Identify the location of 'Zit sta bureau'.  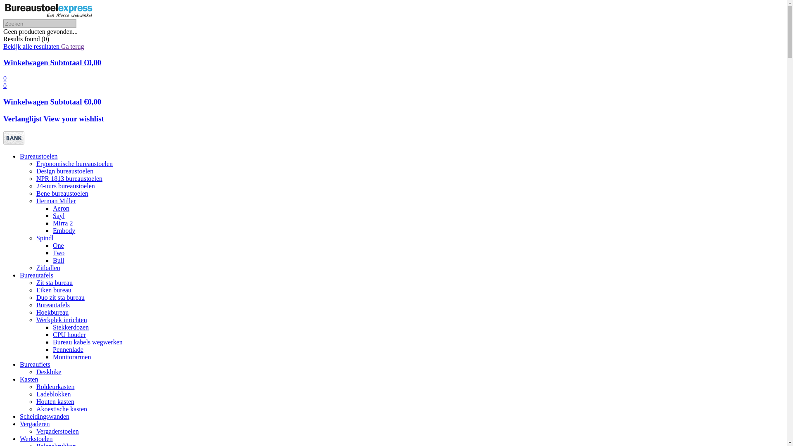
(54, 282).